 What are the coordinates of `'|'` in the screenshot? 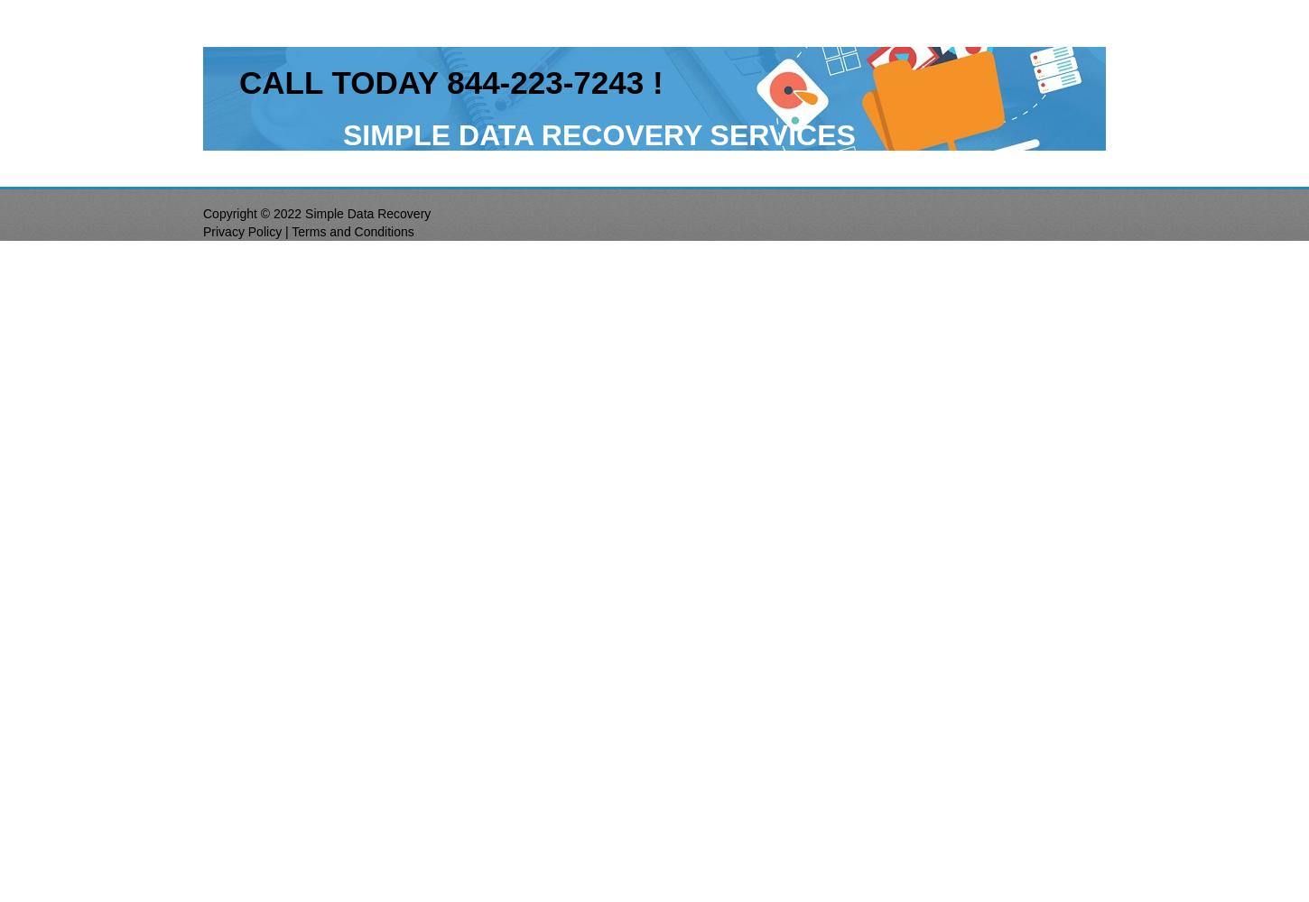 It's located at (286, 232).